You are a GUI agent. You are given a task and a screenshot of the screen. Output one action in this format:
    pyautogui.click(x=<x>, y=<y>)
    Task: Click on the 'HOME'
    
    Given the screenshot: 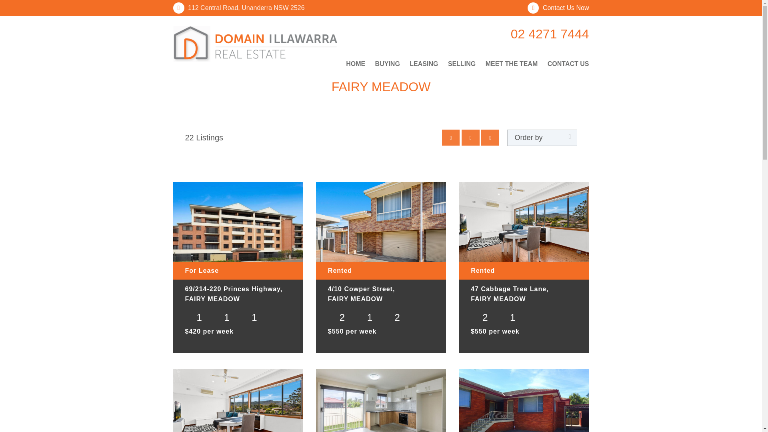 What is the action you would take?
    pyautogui.click(x=357, y=63)
    